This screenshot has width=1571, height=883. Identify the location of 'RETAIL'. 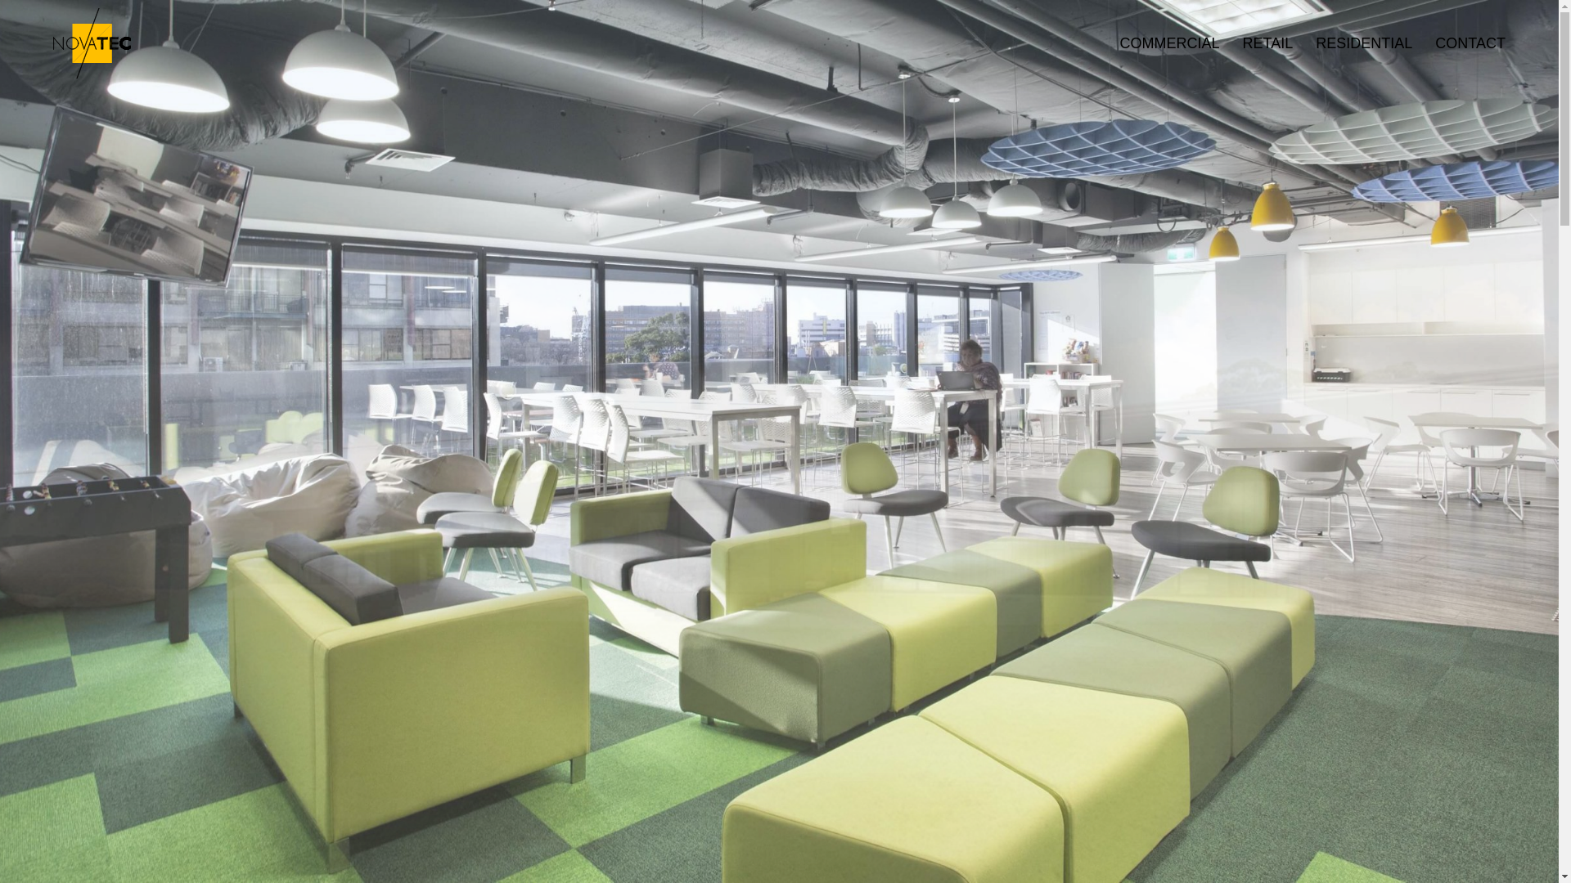
(1256, 43).